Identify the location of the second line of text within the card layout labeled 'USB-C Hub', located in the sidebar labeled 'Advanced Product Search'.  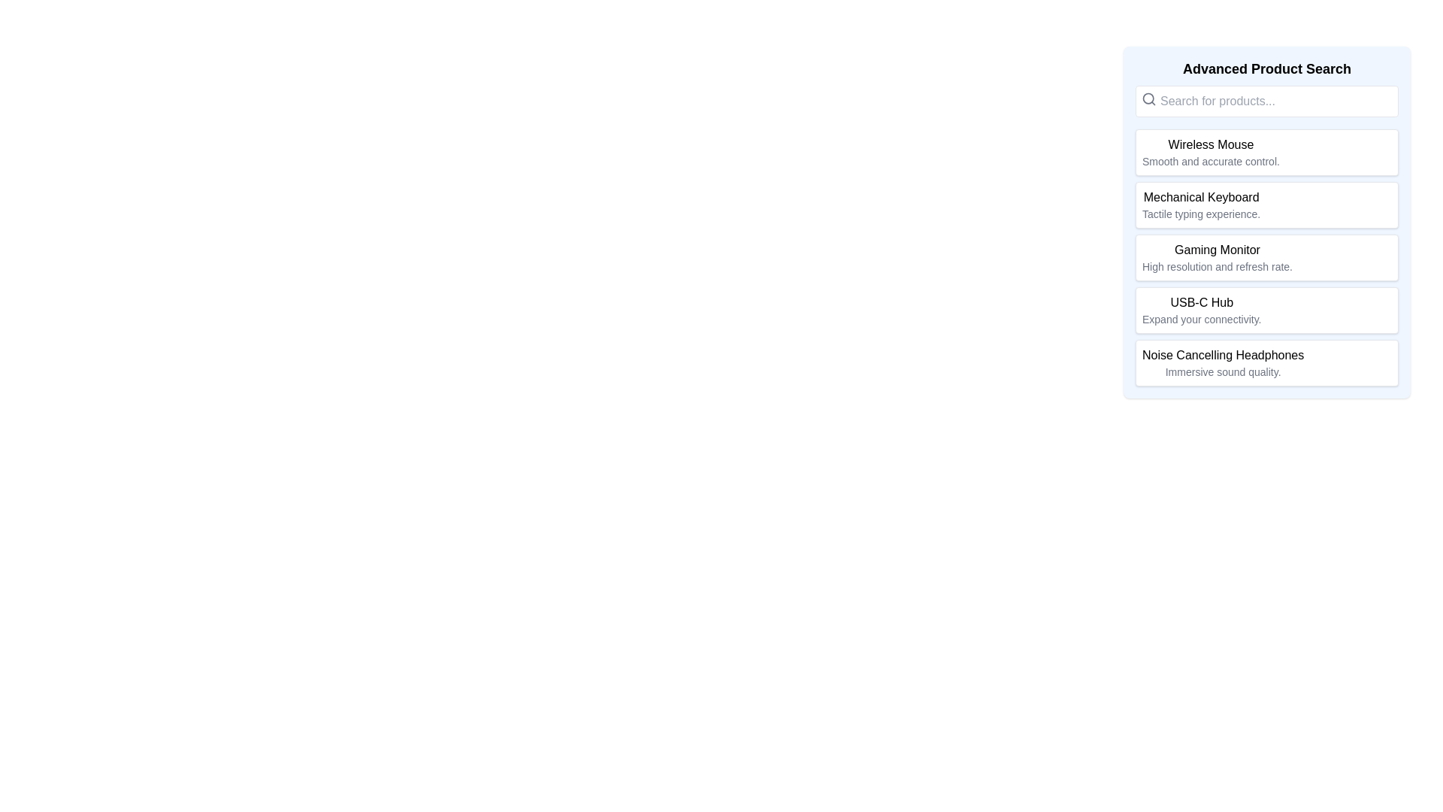
(1201, 318).